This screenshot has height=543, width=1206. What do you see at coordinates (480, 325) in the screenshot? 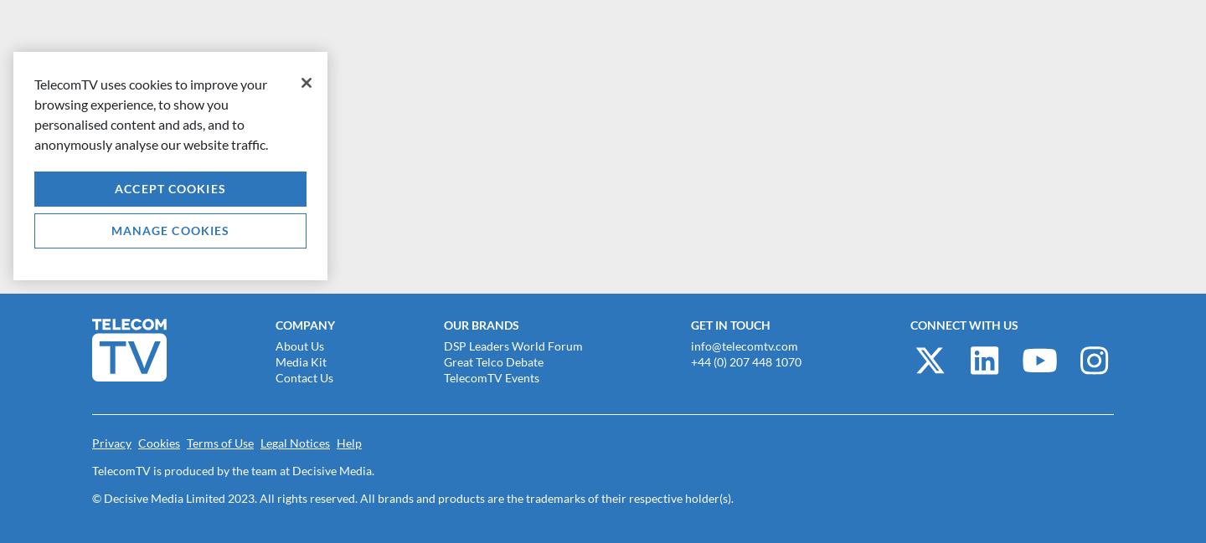
I see `'Our Brands'` at bounding box center [480, 325].